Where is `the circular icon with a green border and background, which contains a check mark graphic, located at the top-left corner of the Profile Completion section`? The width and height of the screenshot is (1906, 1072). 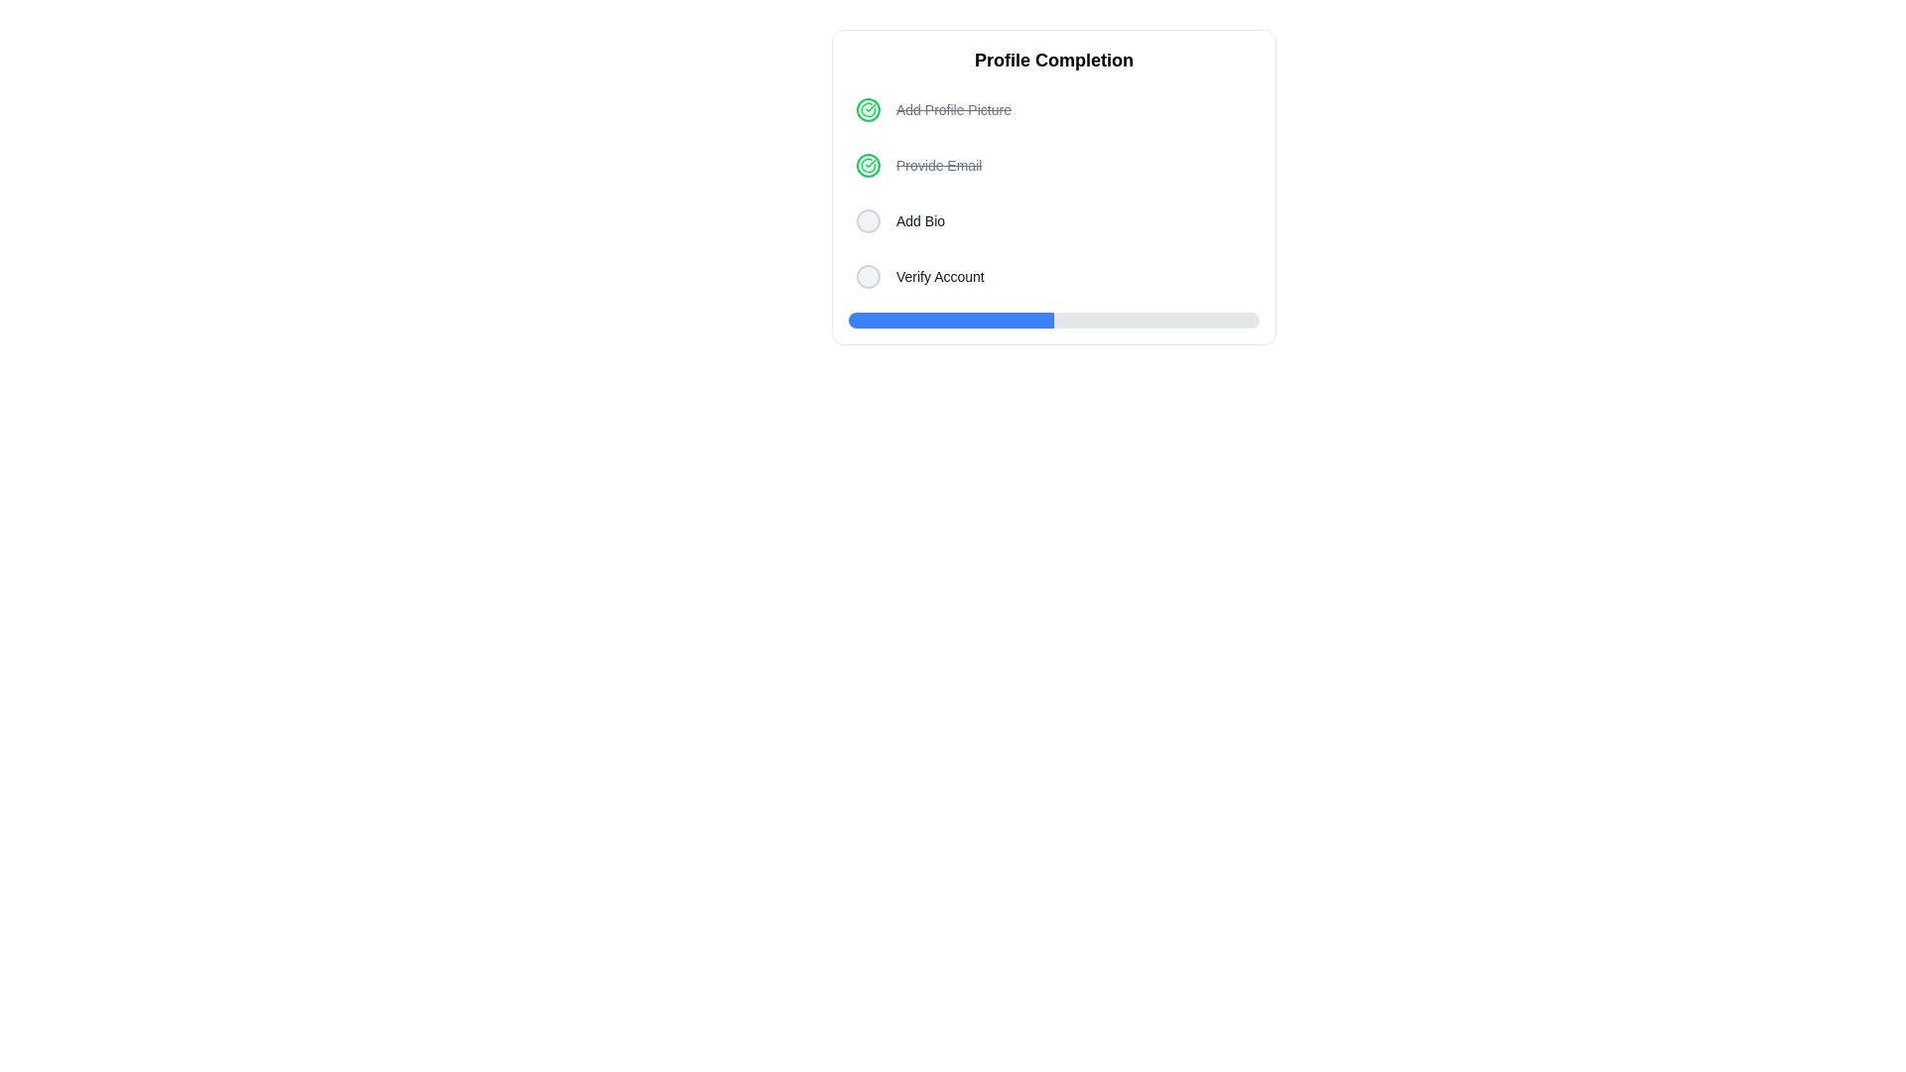 the circular icon with a green border and background, which contains a check mark graphic, located at the top-left corner of the Profile Completion section is located at coordinates (868, 164).